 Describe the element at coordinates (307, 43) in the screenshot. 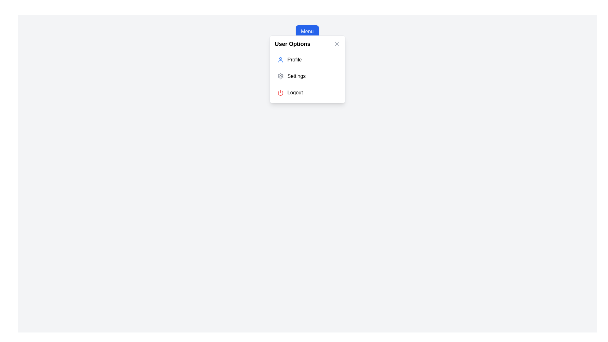

I see `text from the 'User Options' text label located at the top-left corner of the dropdown menu, which is styled as a section header` at that location.